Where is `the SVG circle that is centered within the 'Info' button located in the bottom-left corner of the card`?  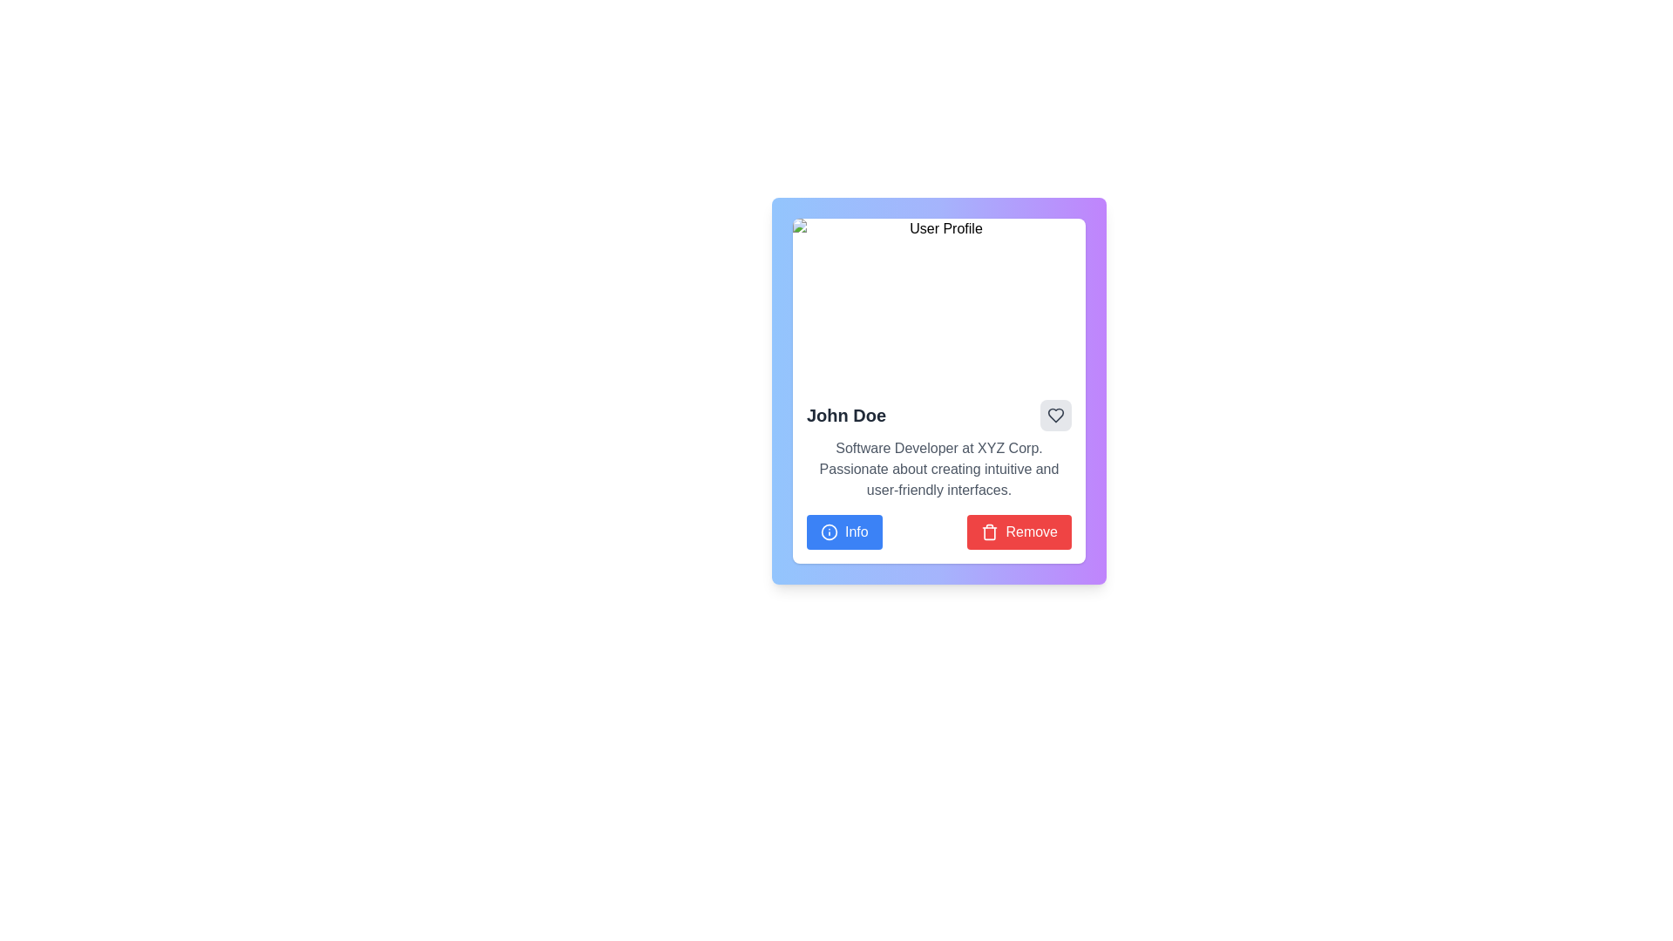 the SVG circle that is centered within the 'Info' button located in the bottom-left corner of the card is located at coordinates (828, 531).